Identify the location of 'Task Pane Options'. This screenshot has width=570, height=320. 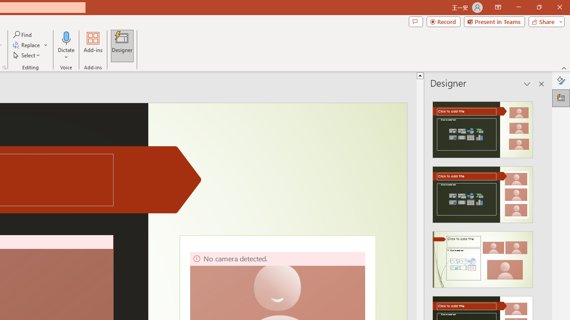
(527, 84).